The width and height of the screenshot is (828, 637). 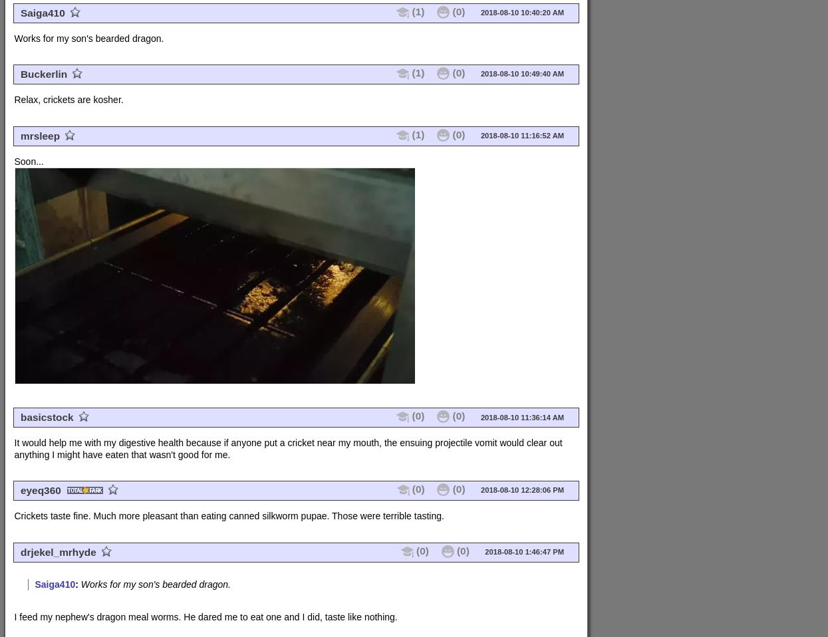 What do you see at coordinates (27, 160) in the screenshot?
I see `'Soon...'` at bounding box center [27, 160].